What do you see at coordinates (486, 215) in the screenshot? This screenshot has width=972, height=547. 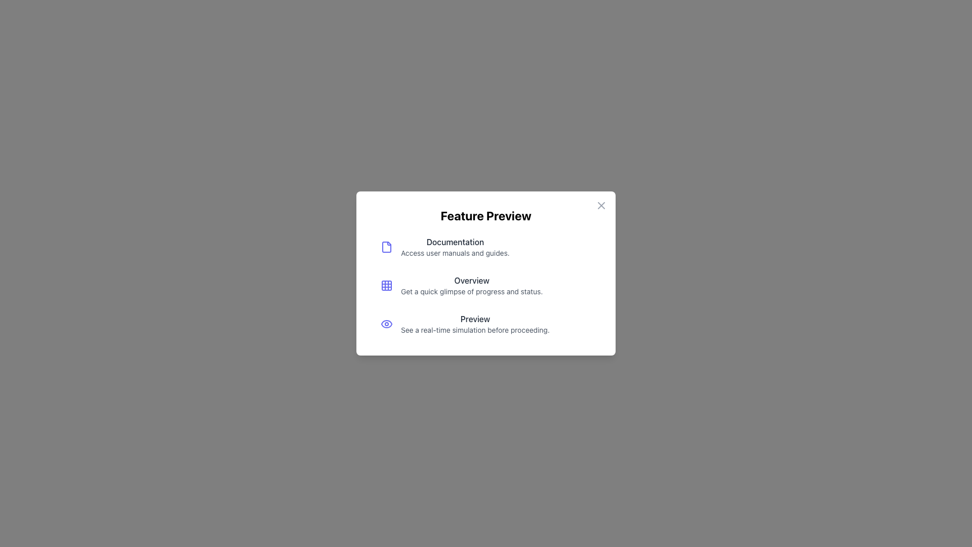 I see `the text label located at the top-center of the white card-like structure, which summarizes the purpose of the dialog or section` at bounding box center [486, 215].